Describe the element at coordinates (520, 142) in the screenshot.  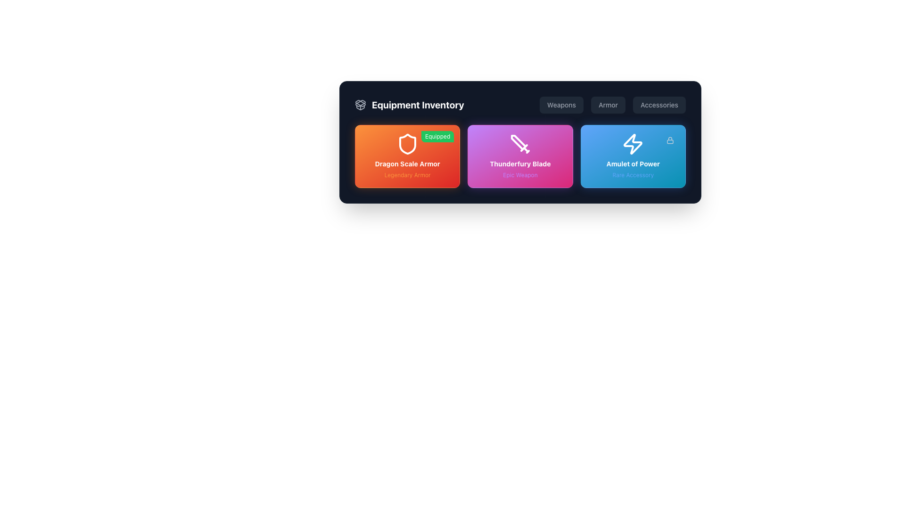
I see `the second summary card in the informational panel, which is purple and labeled 'Thunderfury Blade', to interact with its details or options` at that location.